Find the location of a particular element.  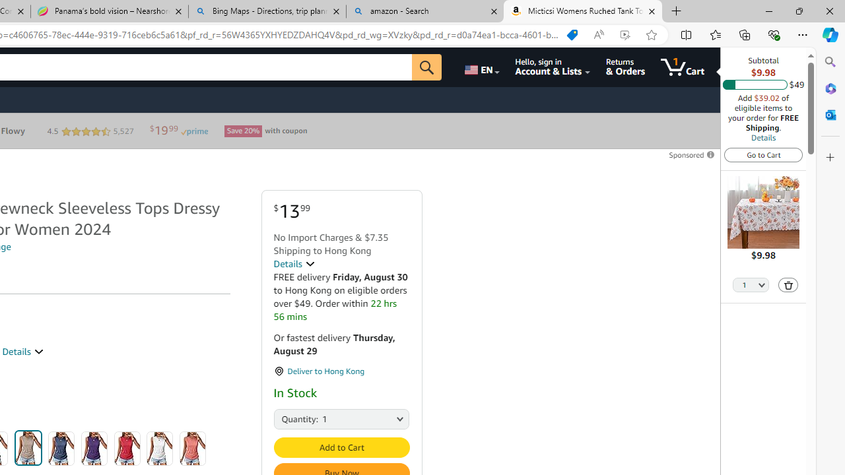

'Add to Cart' is located at coordinates (341, 447).